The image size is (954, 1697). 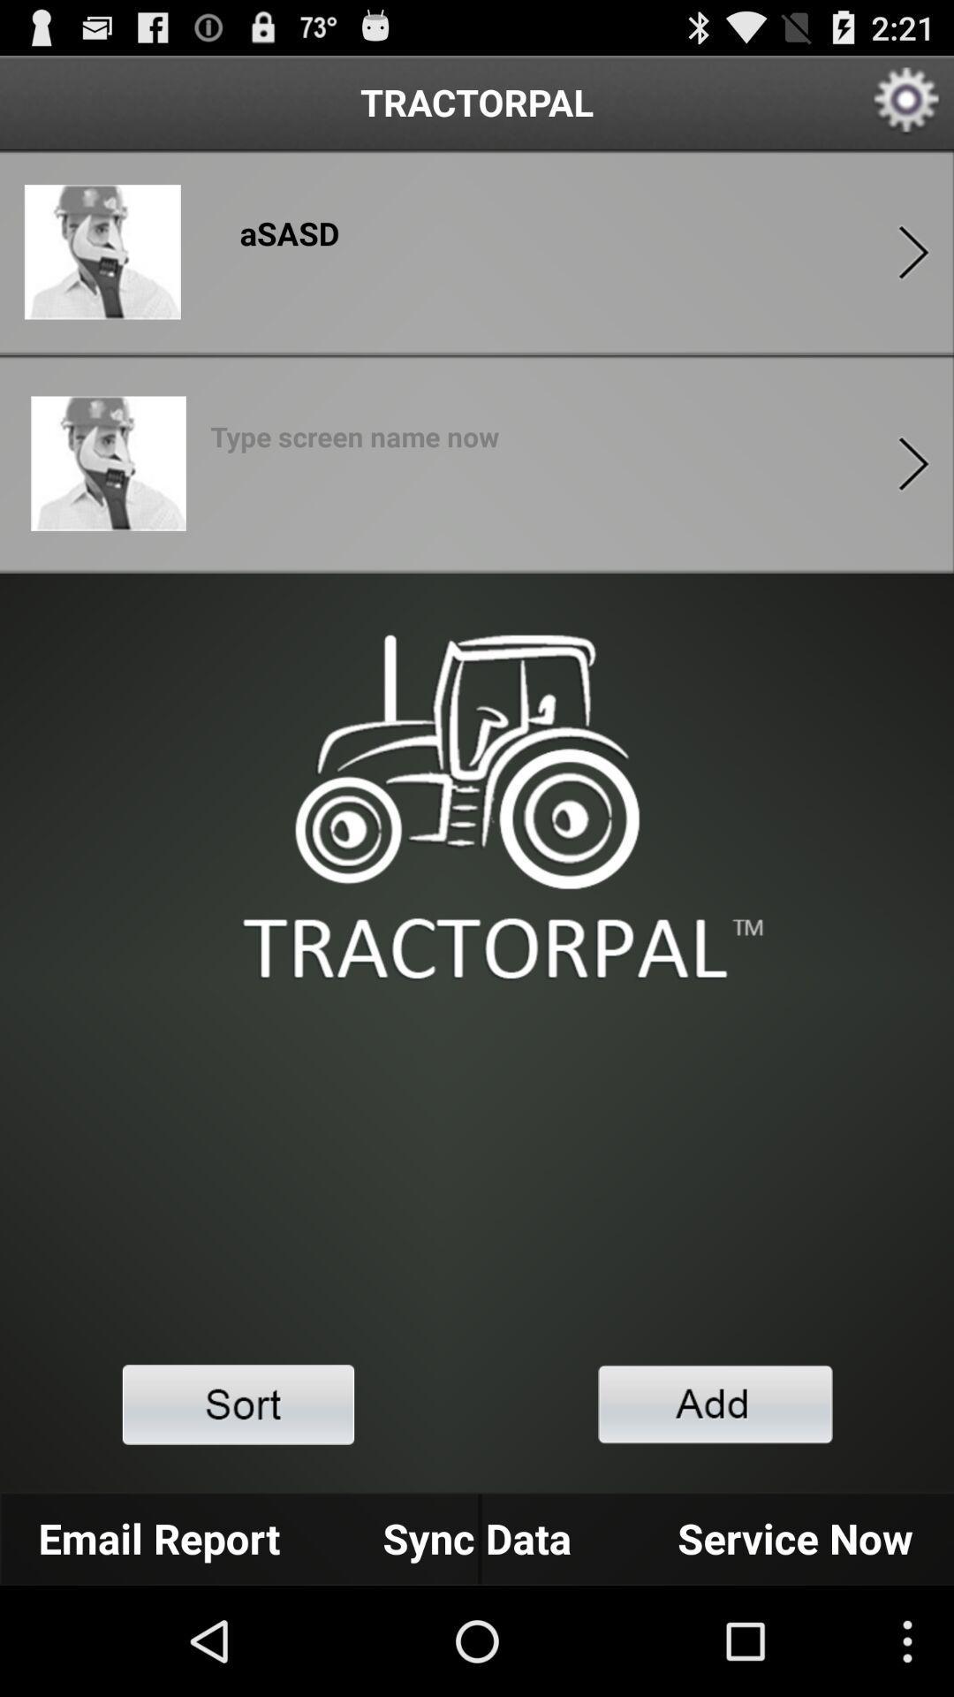 I want to click on the settings icon, so click(x=907, y=109).